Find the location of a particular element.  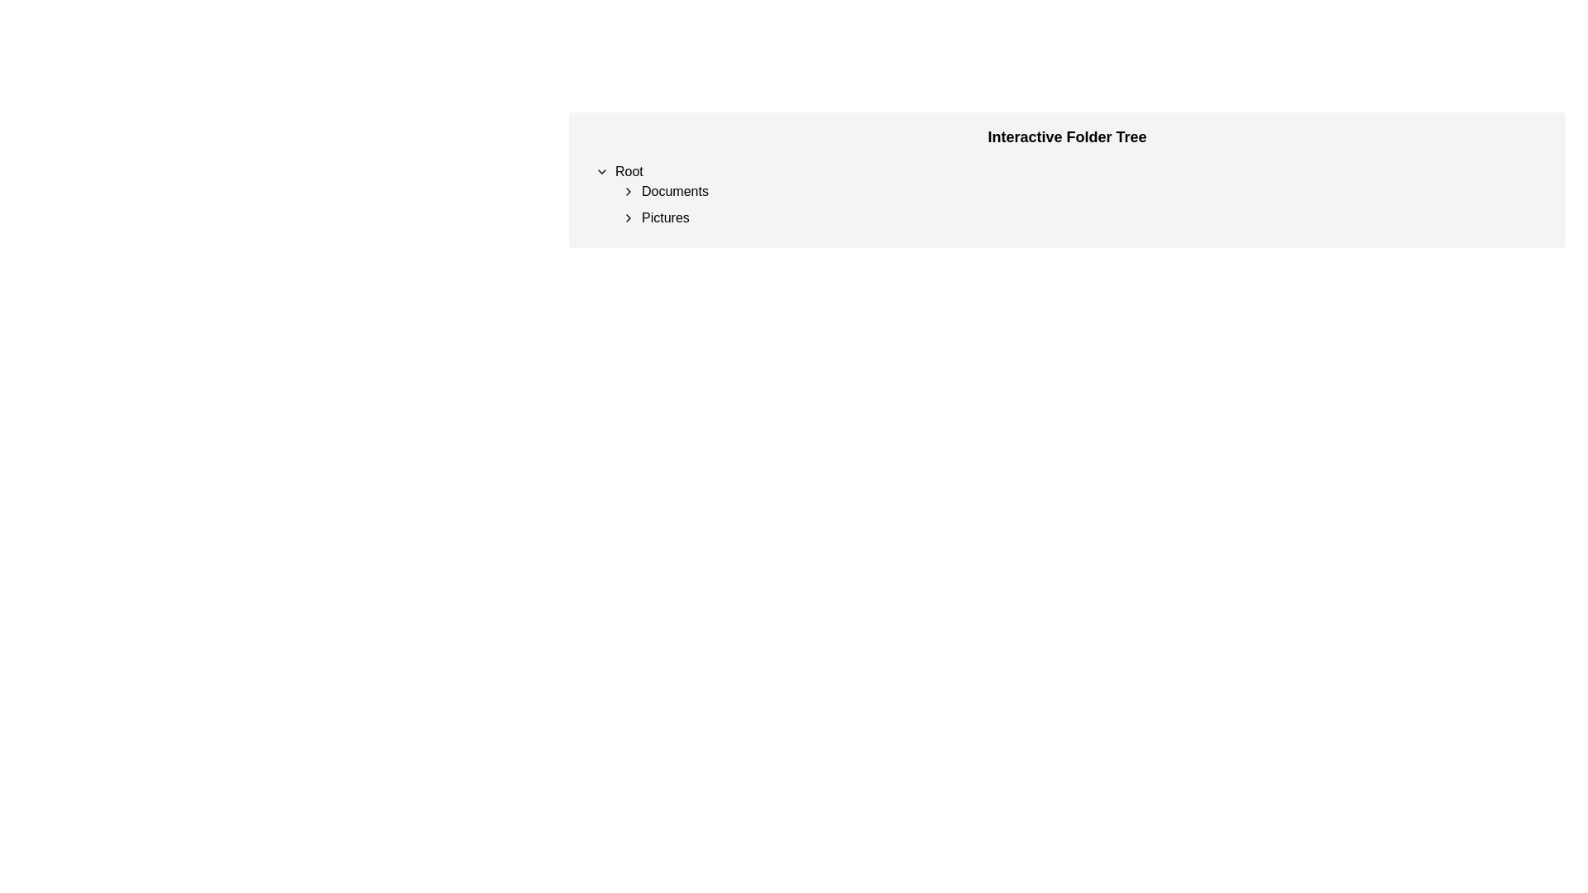

the static text label representing the root directory of the interactive tree structure, located beside the downward-pointing chevron icon is located at coordinates (628, 172).